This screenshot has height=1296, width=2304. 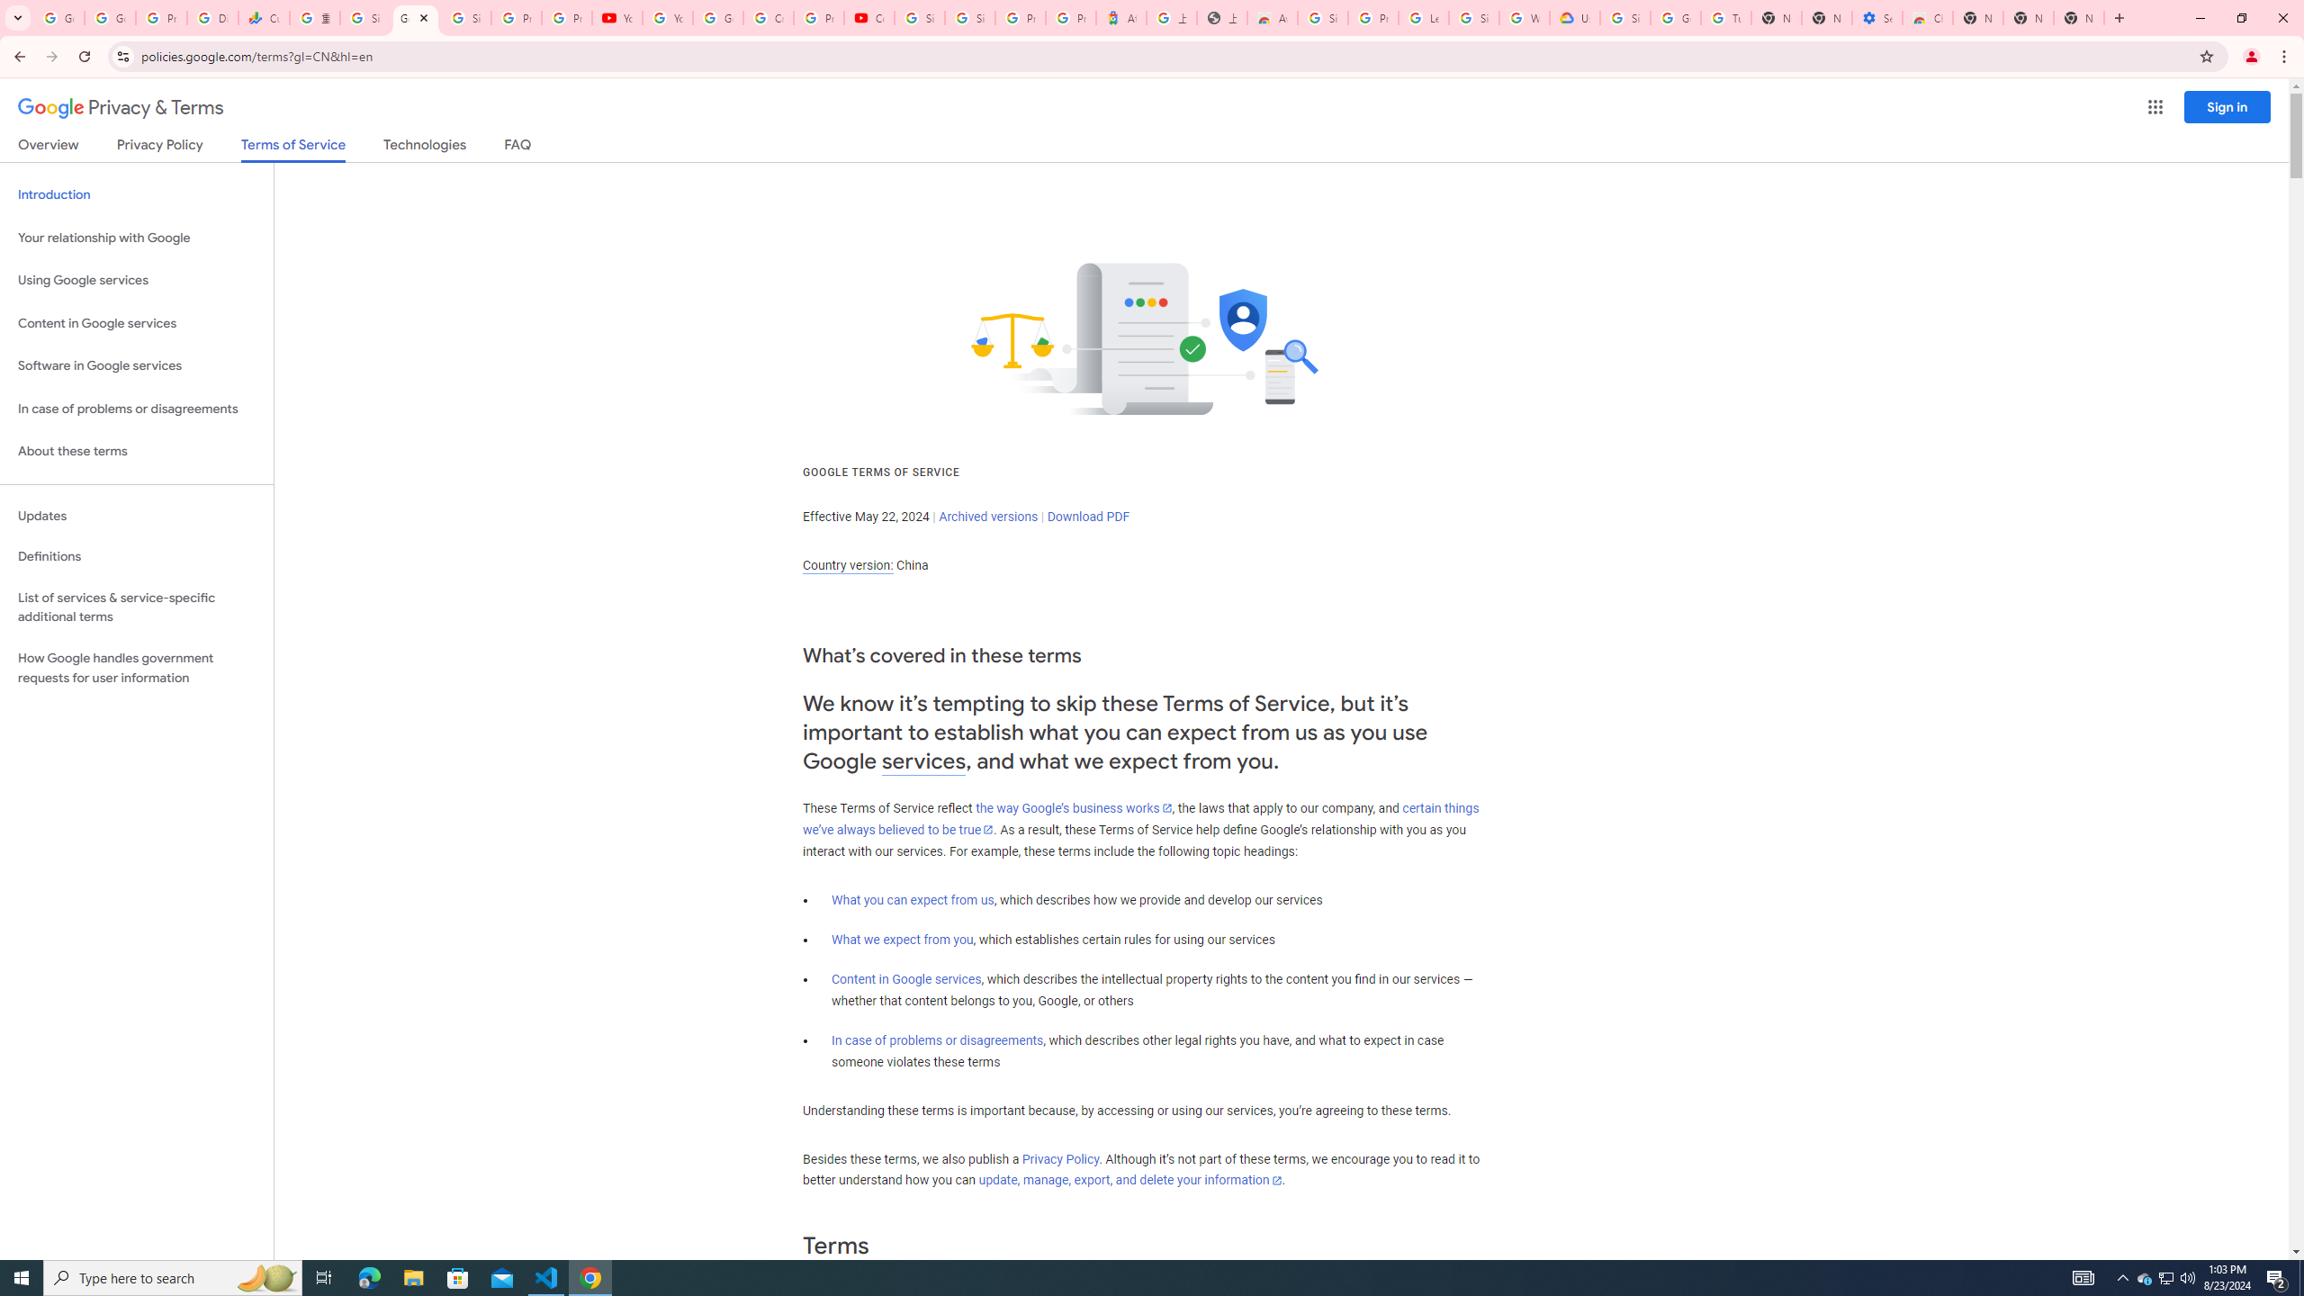 I want to click on 'Software in Google services', so click(x=136, y=364).